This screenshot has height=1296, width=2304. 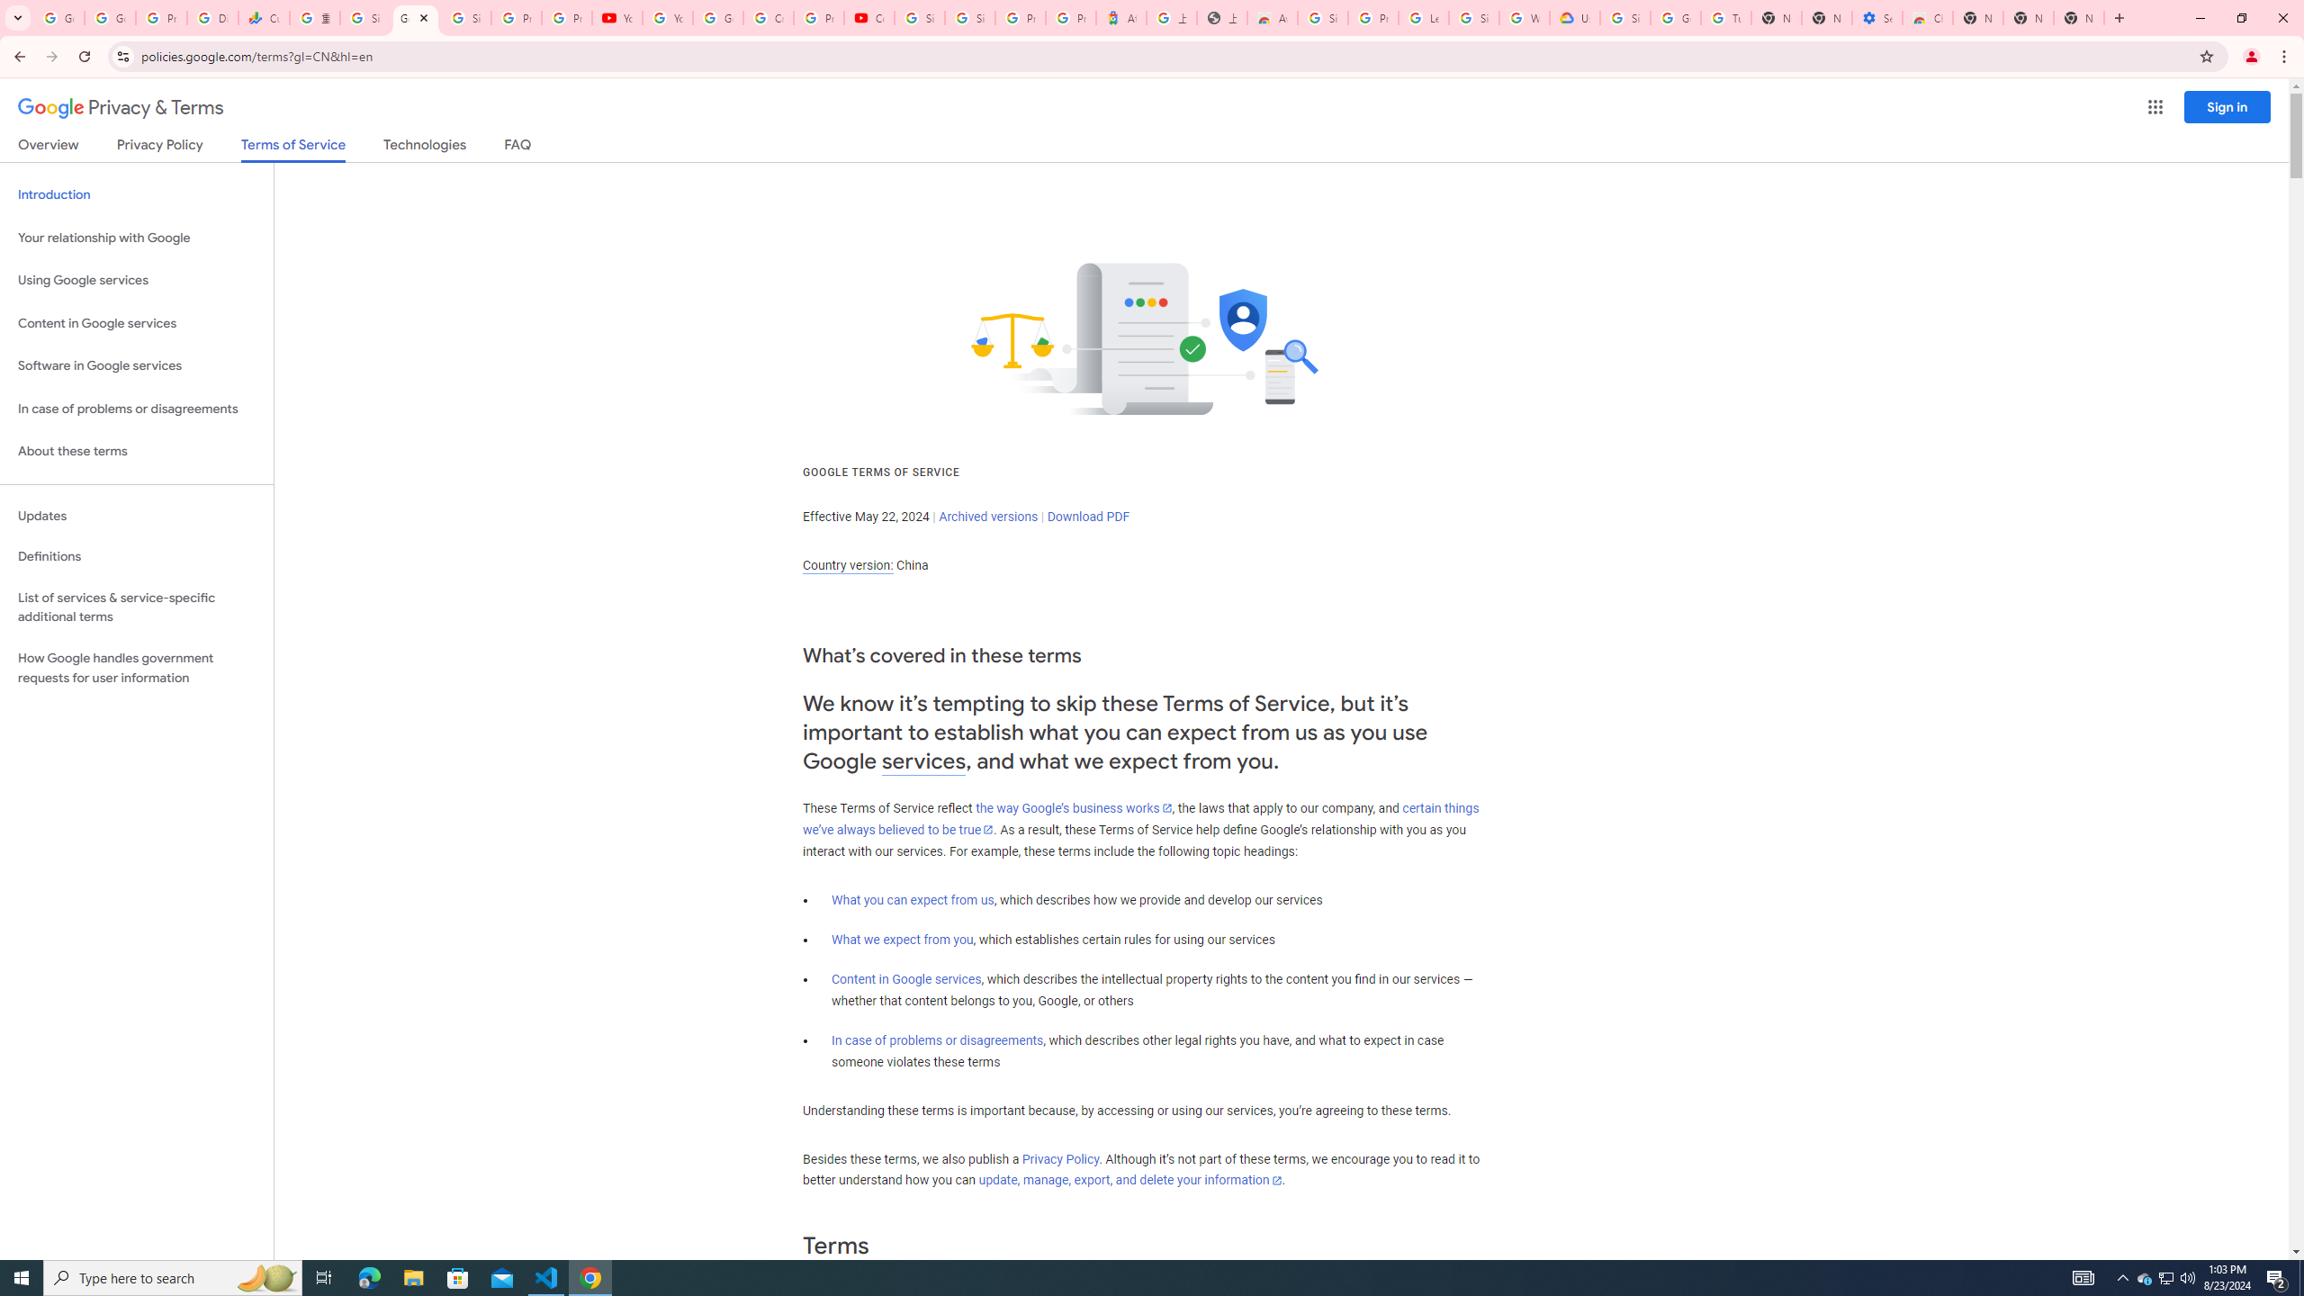 I want to click on 'Software in Google services', so click(x=136, y=364).